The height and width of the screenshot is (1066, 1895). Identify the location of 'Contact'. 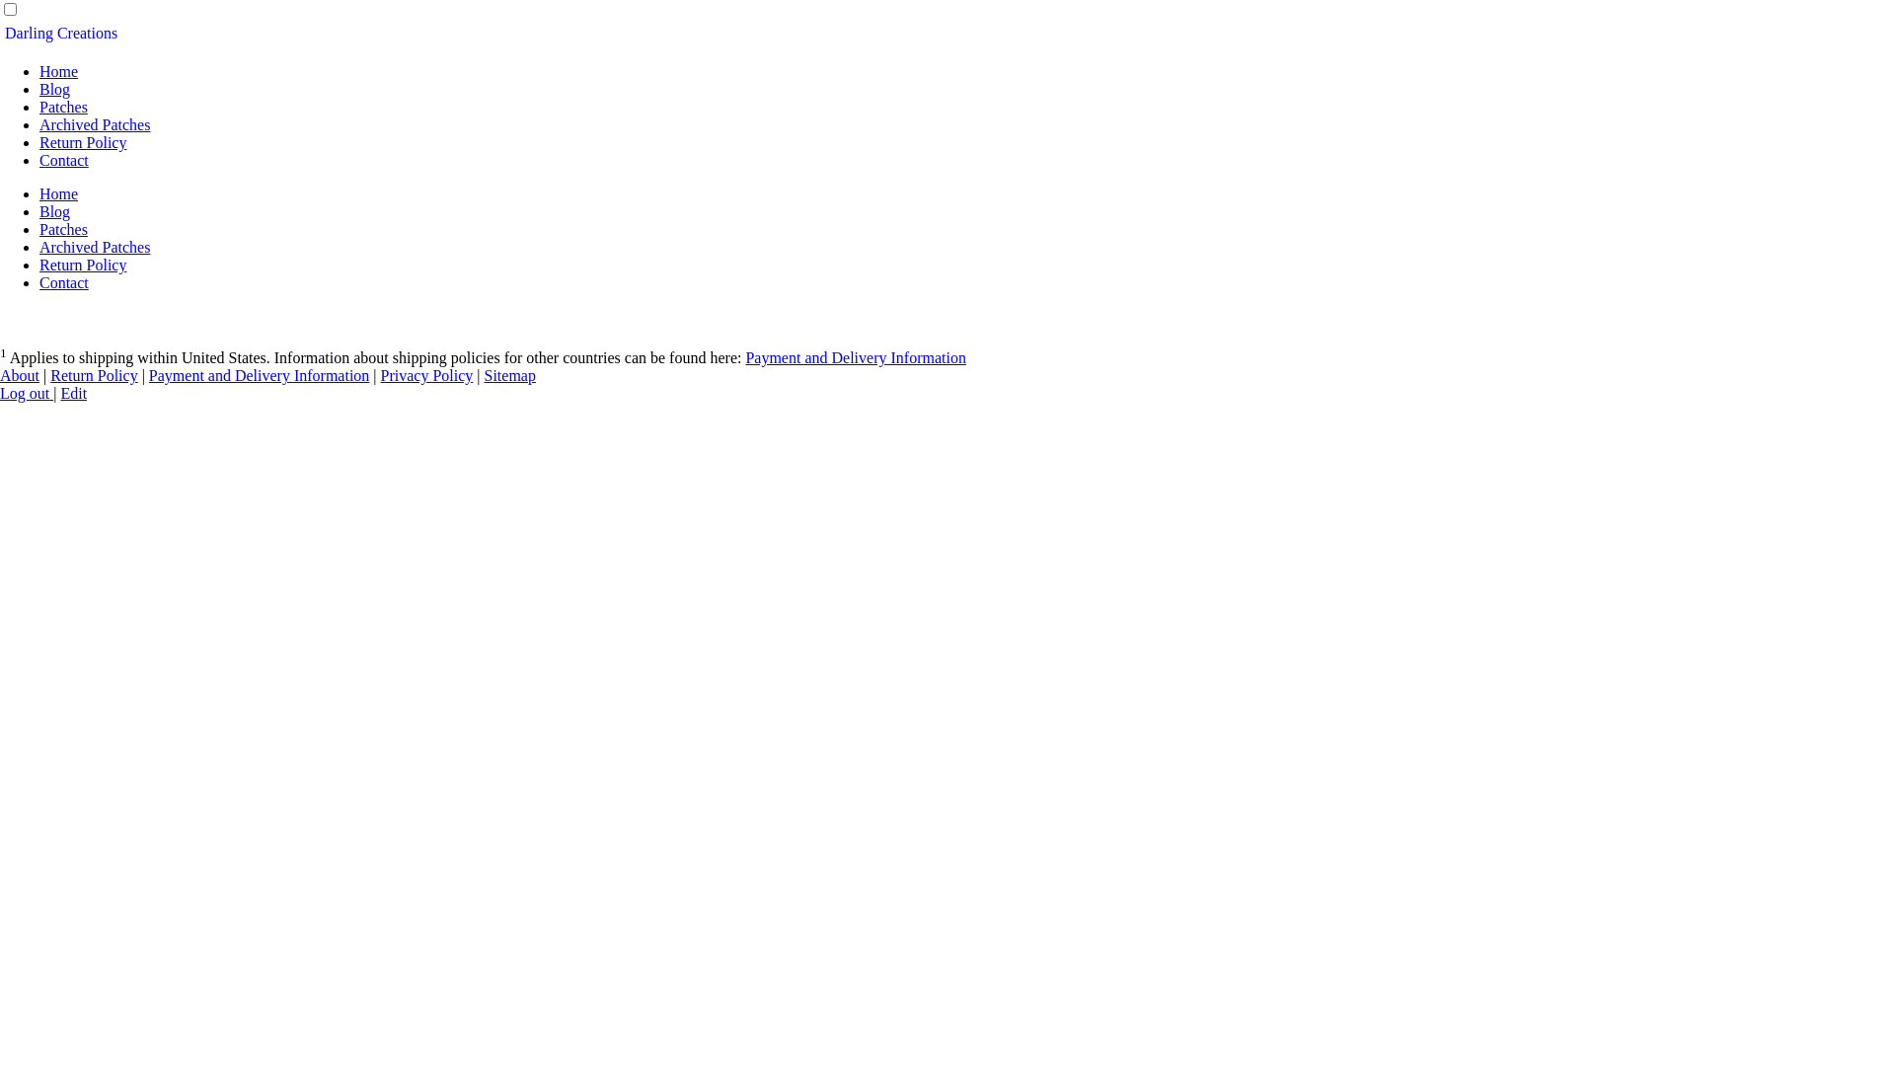
(64, 282).